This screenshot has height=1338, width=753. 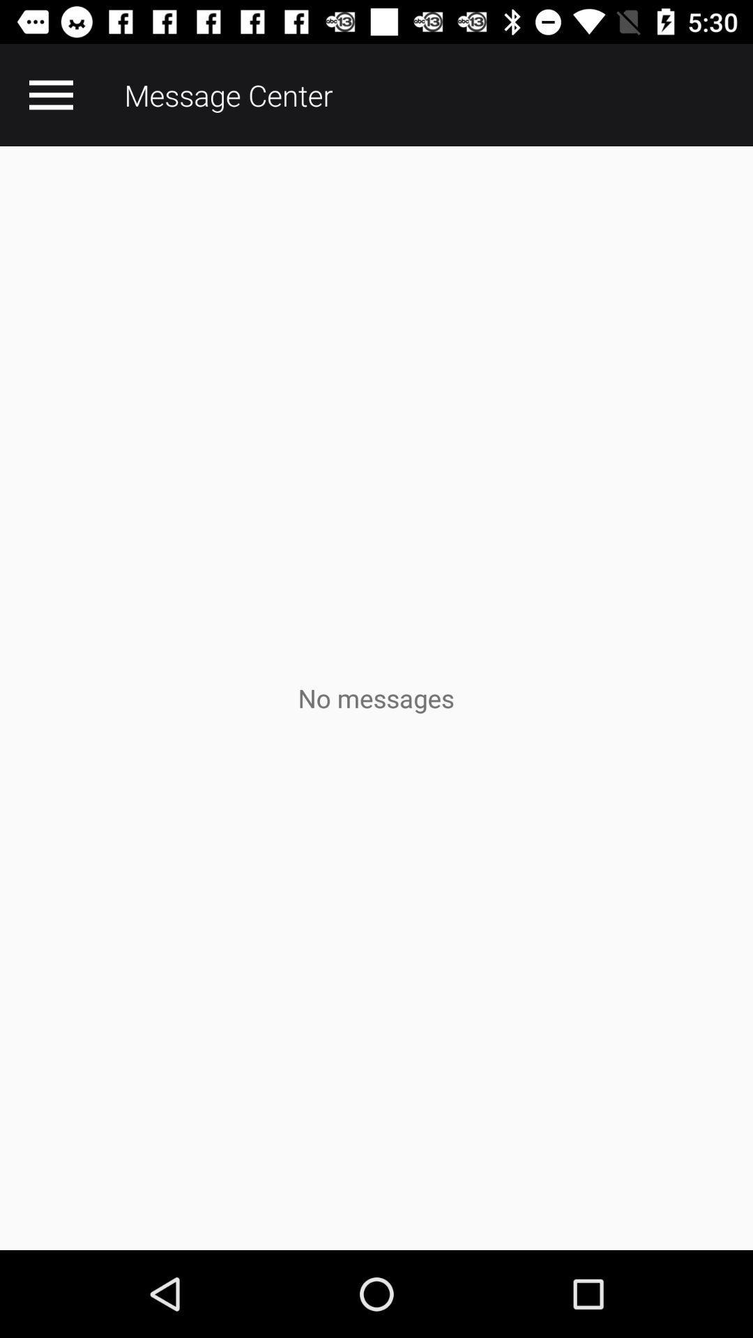 What do you see at coordinates (50, 94) in the screenshot?
I see `the menu icon` at bounding box center [50, 94].